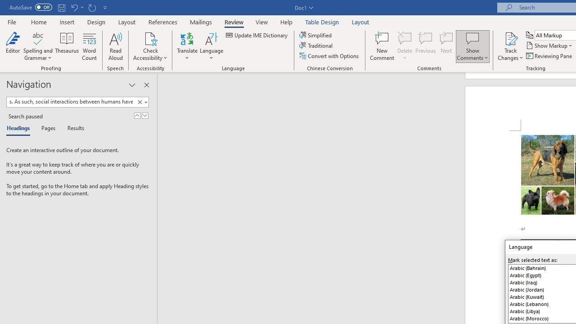 The image size is (576, 324). What do you see at coordinates (187, 46) in the screenshot?
I see `'Translate'` at bounding box center [187, 46].